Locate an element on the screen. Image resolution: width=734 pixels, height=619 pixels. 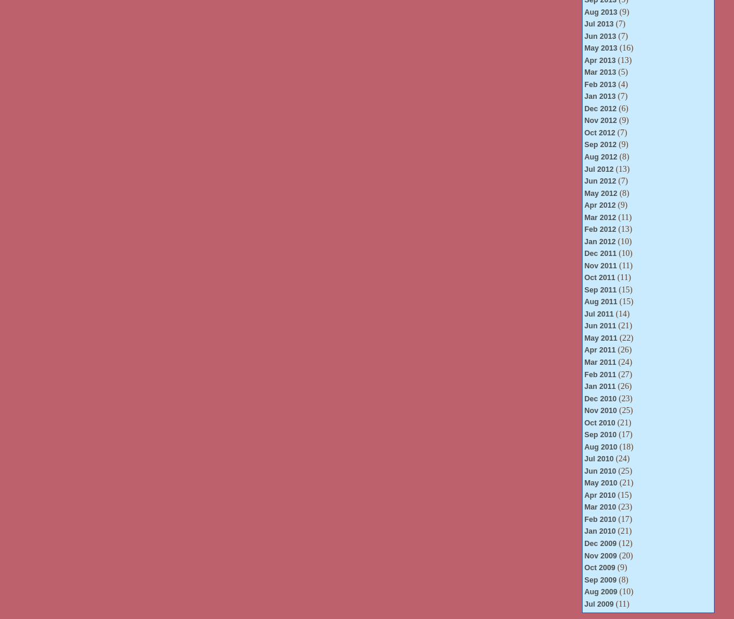
'(18)' is located at coordinates (625, 445).